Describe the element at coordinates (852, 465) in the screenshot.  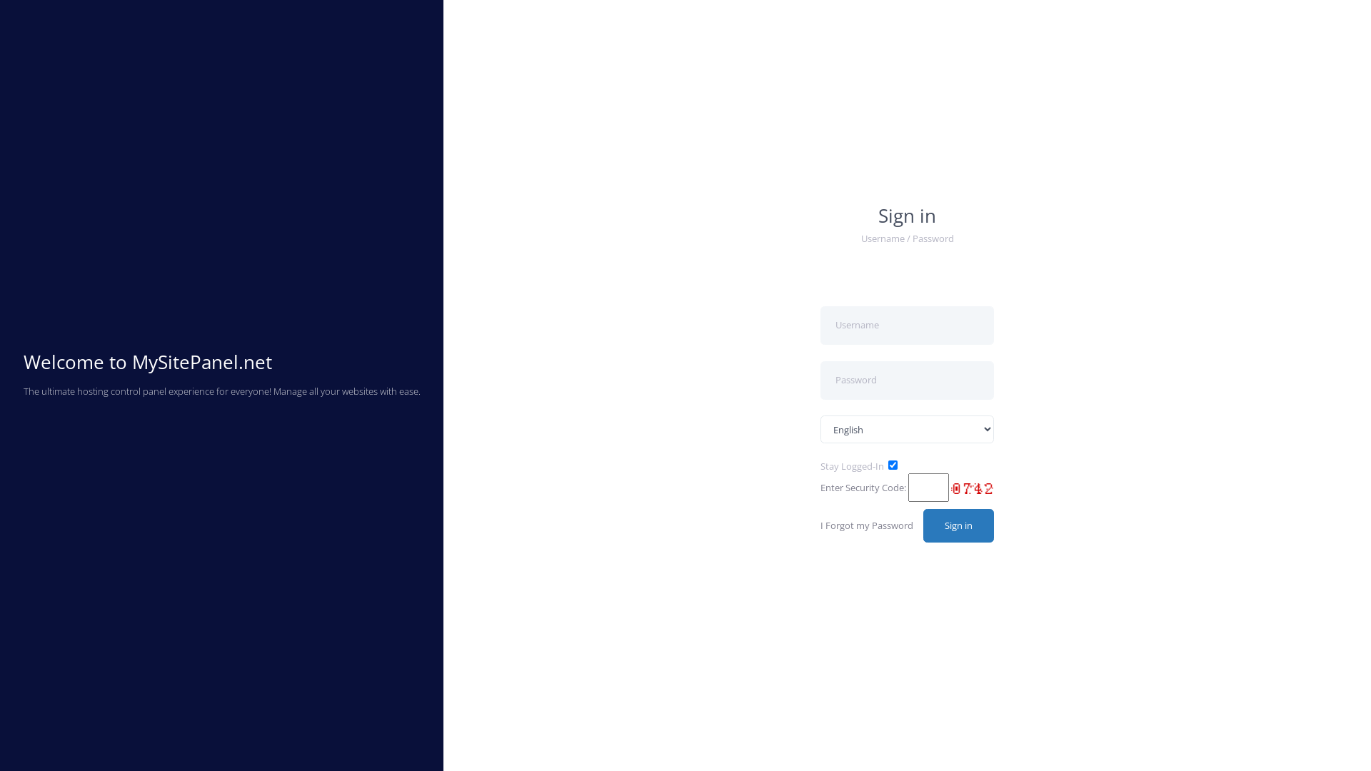
I see `'Stay Logged-In'` at that location.